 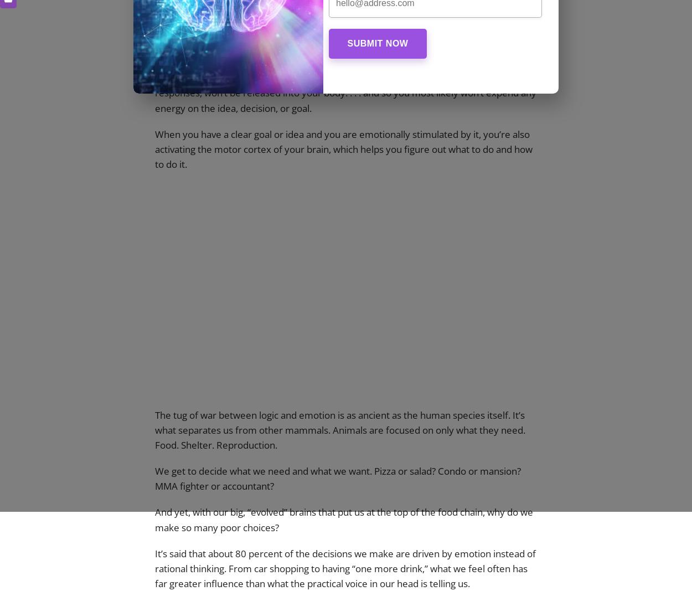 I want to click on 'and if there isn’t enough emotion behind the vision, then the part of your brain called the nucleus accumbens (NAc) is not activated.', so click(x=343, y=36).